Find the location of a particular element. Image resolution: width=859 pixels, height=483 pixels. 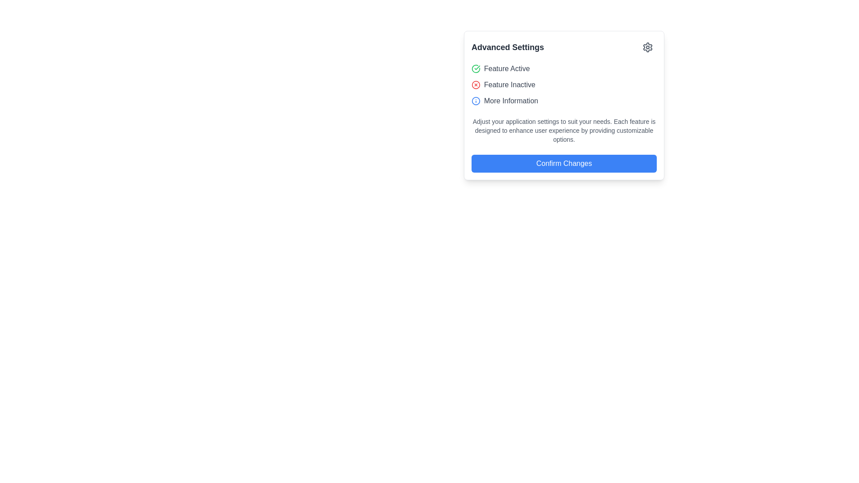

the small blue information icon located to the left of the text 'More Information', which is the leftmost component in its horizontal group is located at coordinates (476, 101).